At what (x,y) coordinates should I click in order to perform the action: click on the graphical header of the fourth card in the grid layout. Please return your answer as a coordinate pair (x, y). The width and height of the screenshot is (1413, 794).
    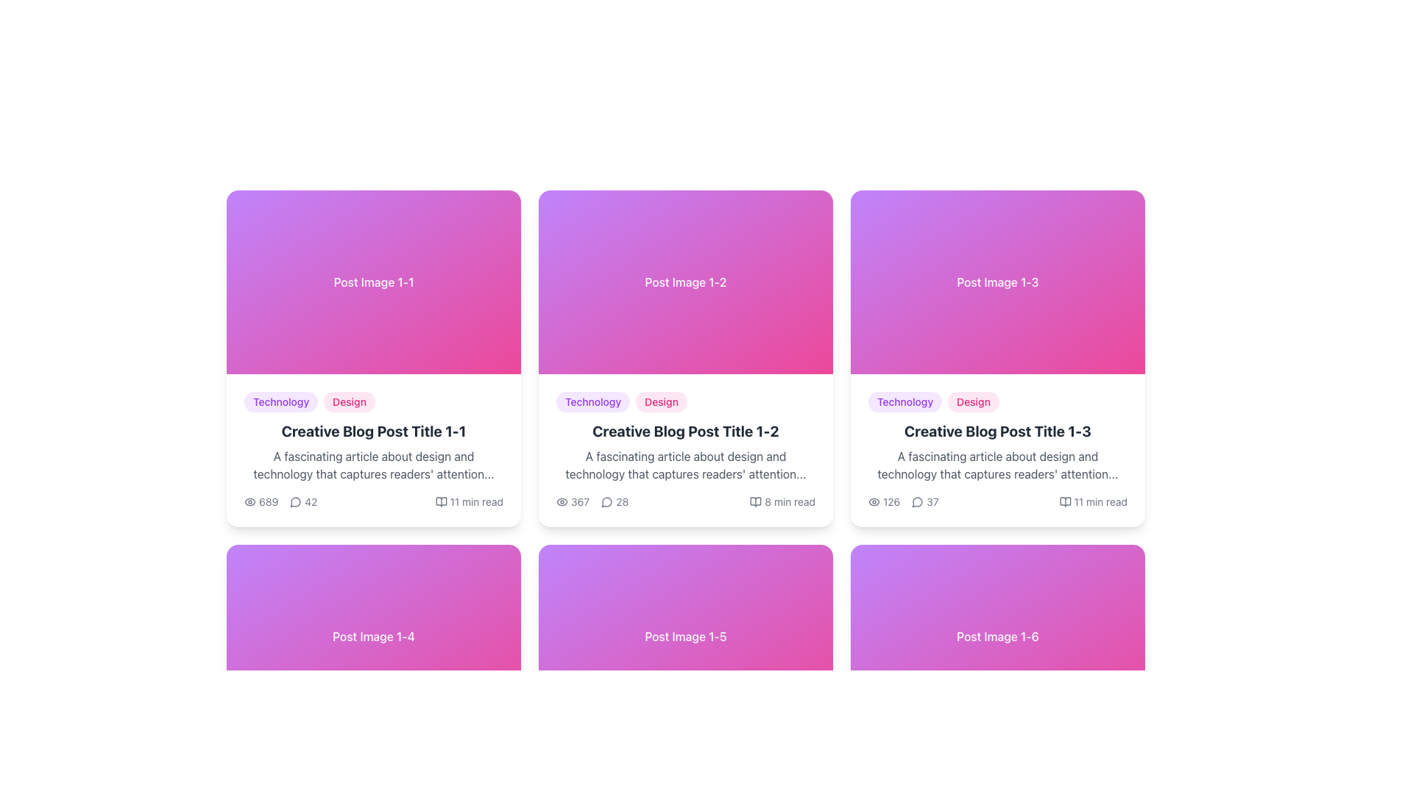
    Looking at the image, I should click on (374, 636).